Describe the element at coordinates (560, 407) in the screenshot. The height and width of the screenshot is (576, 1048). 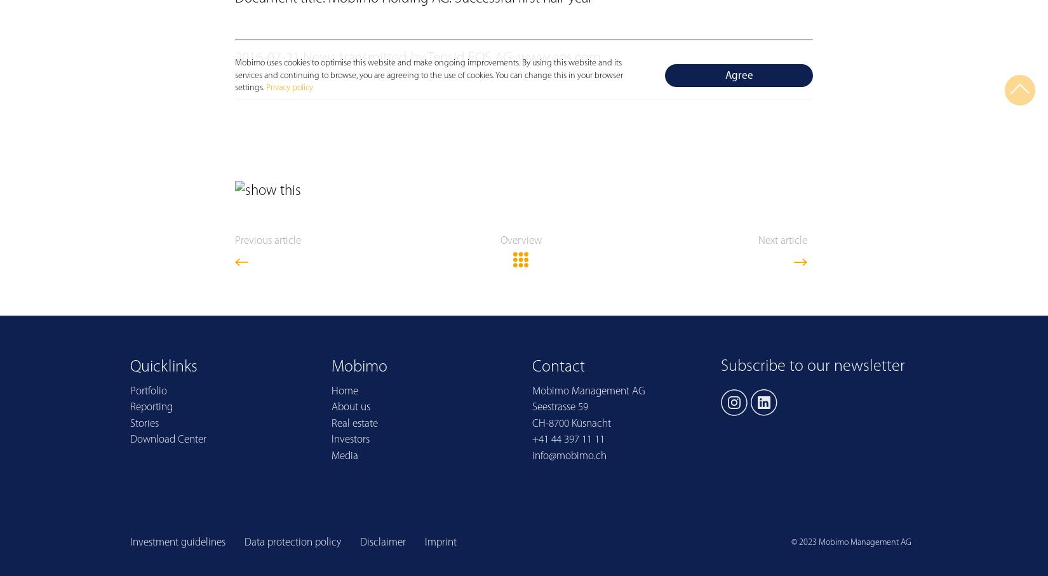
I see `'Seestrasse 59'` at that location.